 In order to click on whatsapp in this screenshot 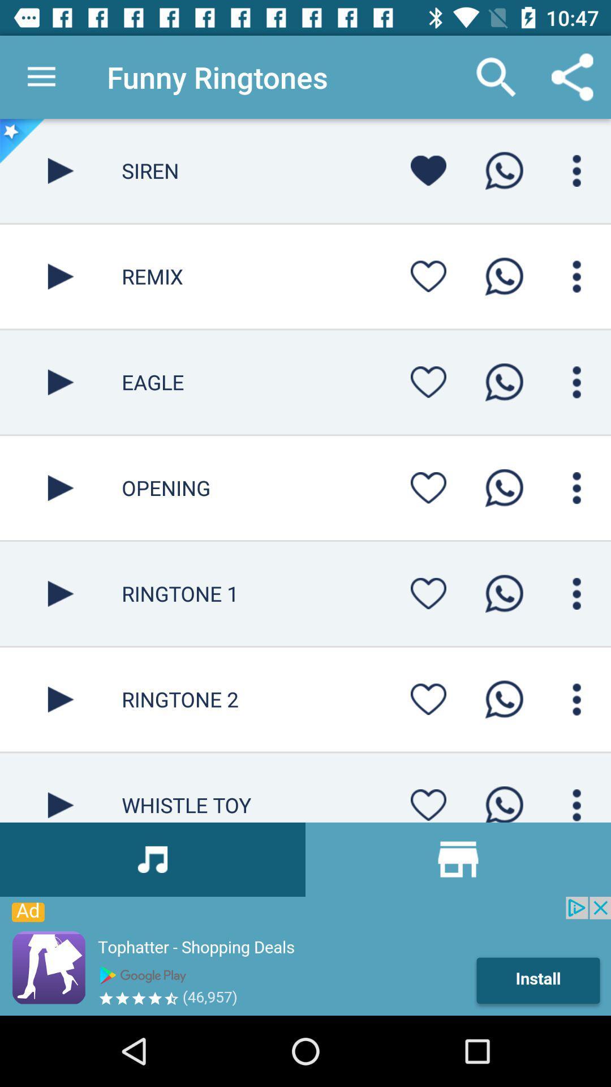, I will do `click(504, 800)`.